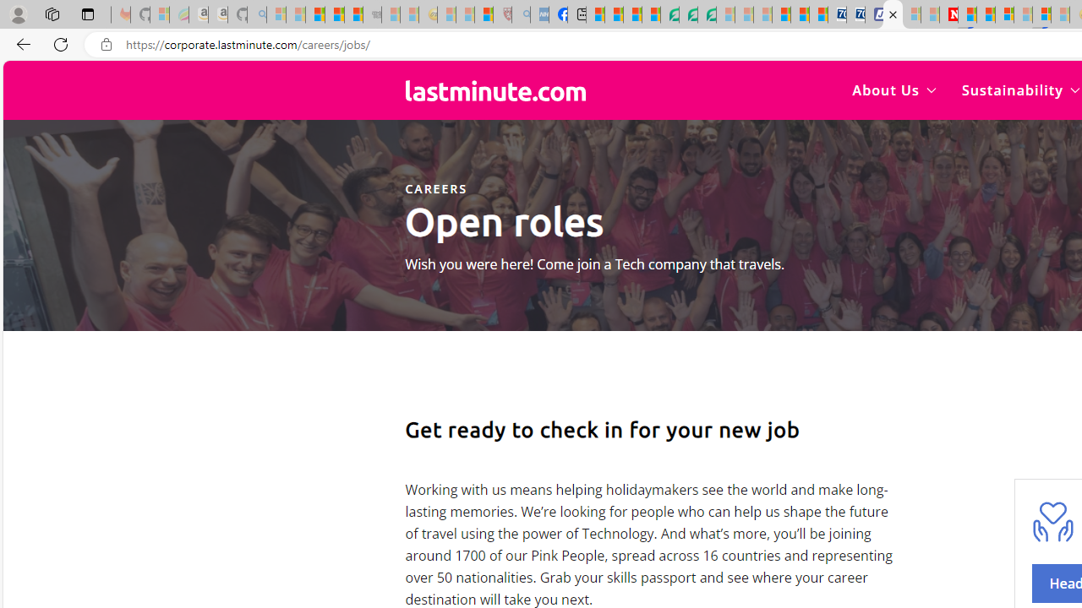 The image size is (1082, 608). What do you see at coordinates (501, 14) in the screenshot?
I see `'Robert H. Shmerling, MD - Harvard Health - Sleeping'` at bounding box center [501, 14].